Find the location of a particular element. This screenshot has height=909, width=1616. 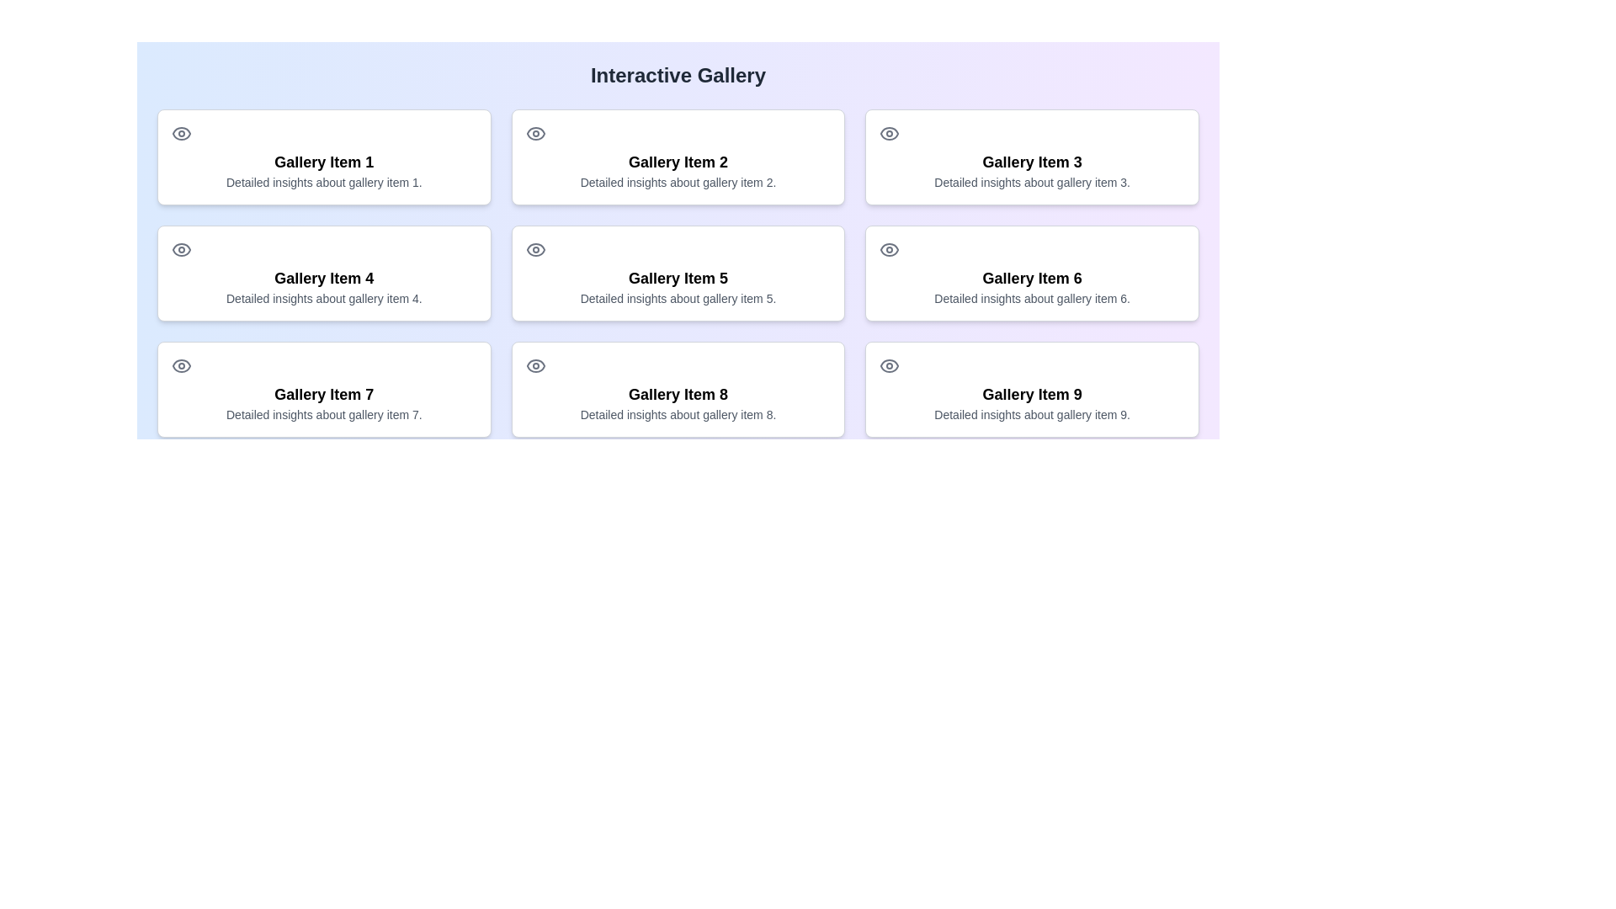

the text label 'Gallery Item 7', which is styled with a larger font and bold emphasis, located in the lower portion of the first card in the third row of a three-by-three grid is located at coordinates (324, 395).